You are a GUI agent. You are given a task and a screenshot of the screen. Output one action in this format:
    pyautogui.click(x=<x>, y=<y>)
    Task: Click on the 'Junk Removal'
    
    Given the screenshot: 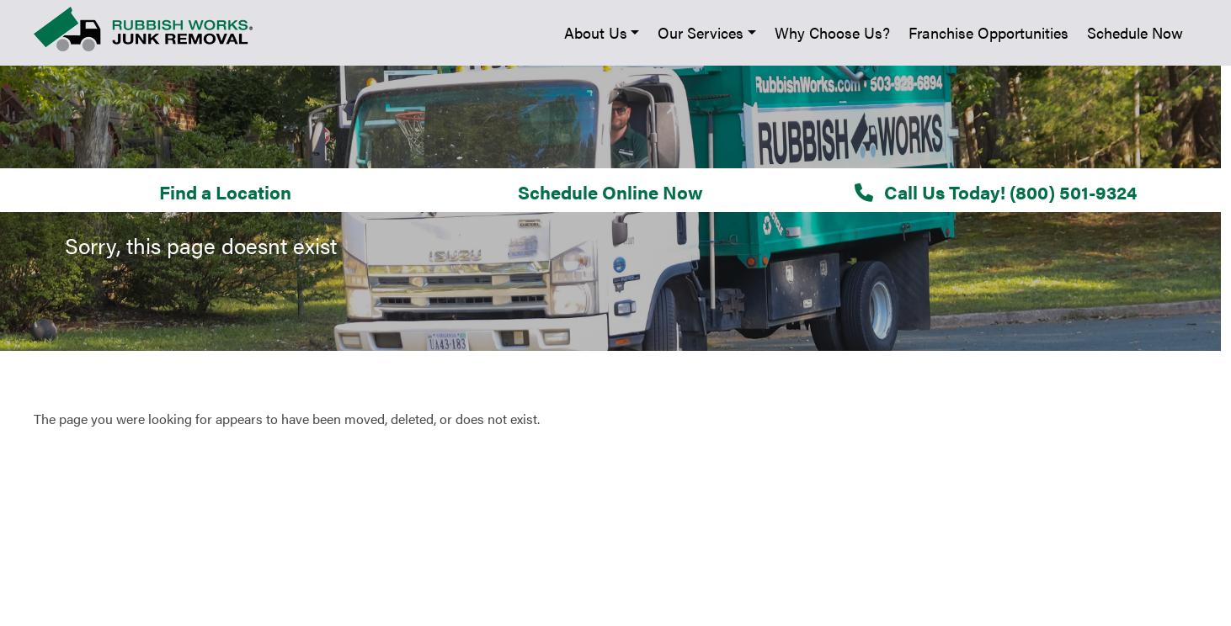 What is the action you would take?
    pyautogui.click(x=432, y=225)
    